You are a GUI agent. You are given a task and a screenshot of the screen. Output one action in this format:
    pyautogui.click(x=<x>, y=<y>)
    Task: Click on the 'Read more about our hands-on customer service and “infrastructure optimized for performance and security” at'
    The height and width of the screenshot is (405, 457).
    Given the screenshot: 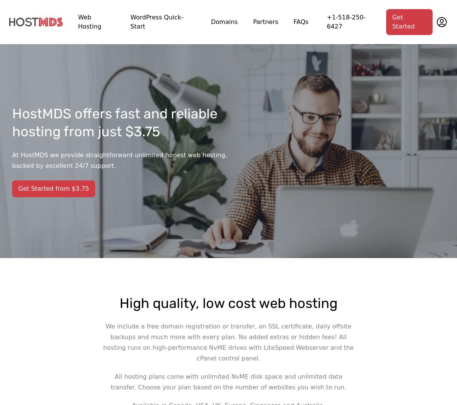 What is the action you would take?
    pyautogui.click(x=228, y=48)
    